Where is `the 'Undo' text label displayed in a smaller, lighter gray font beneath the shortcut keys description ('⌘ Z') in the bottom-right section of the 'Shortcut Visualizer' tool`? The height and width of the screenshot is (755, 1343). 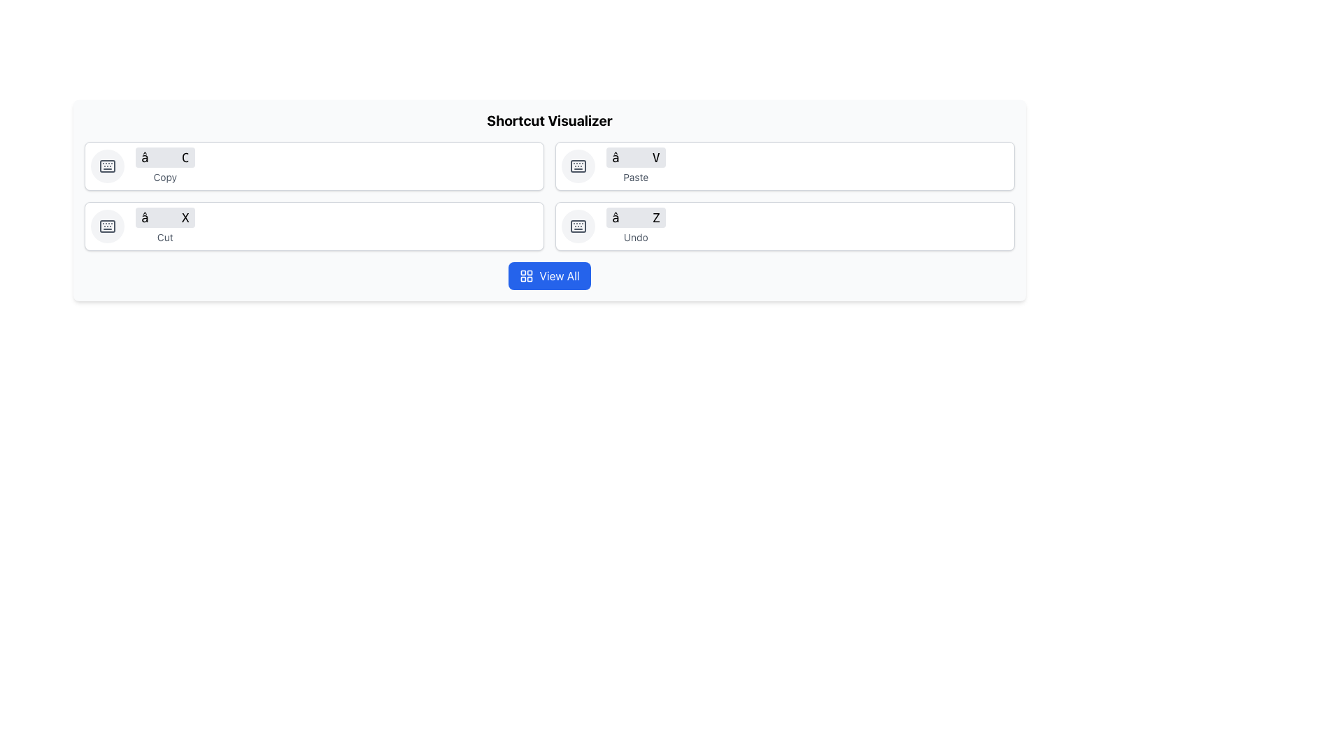 the 'Undo' text label displayed in a smaller, lighter gray font beneath the shortcut keys description ('⌘ Z') in the bottom-right section of the 'Shortcut Visualizer' tool is located at coordinates (635, 236).